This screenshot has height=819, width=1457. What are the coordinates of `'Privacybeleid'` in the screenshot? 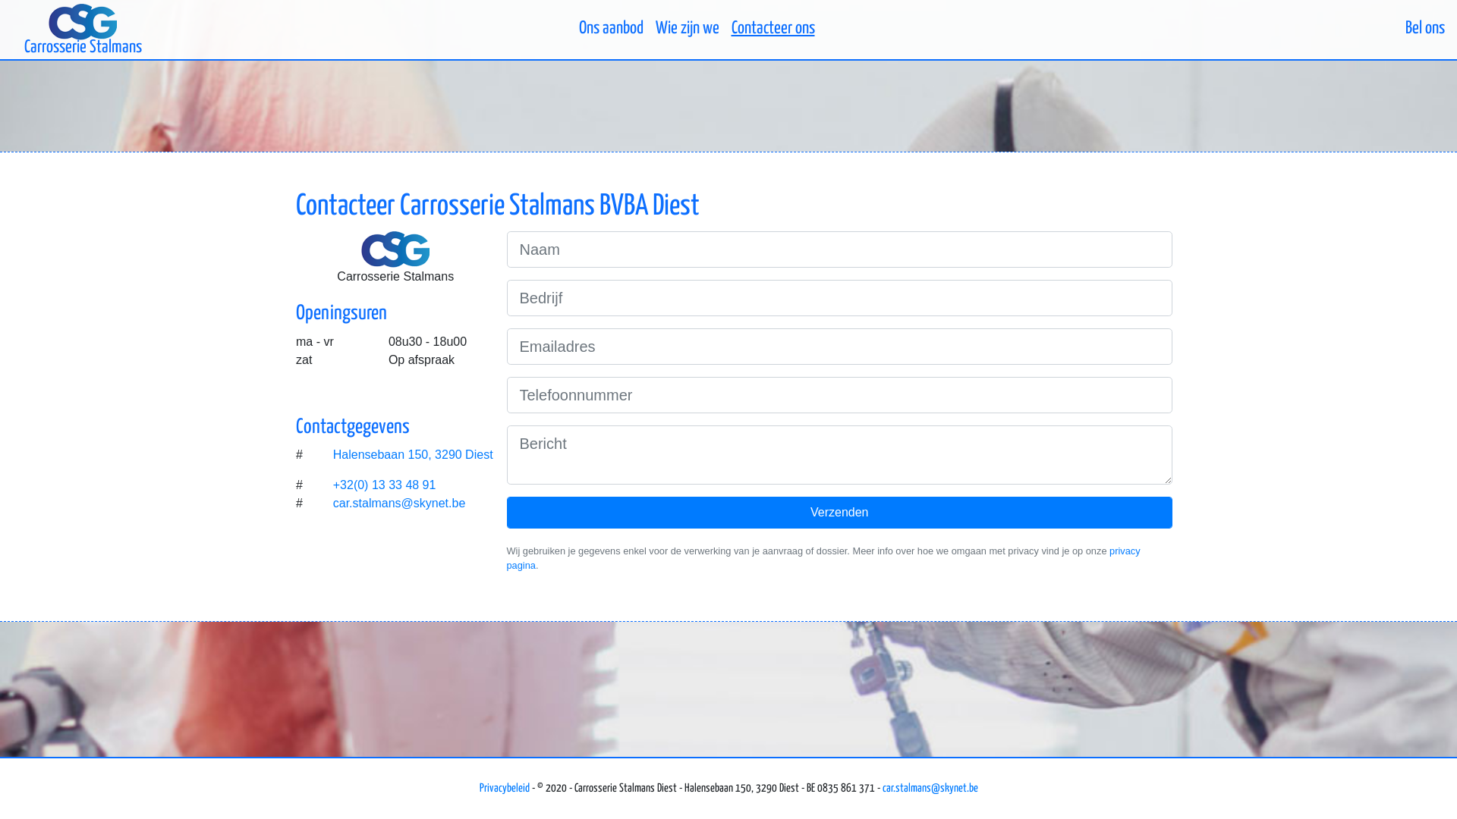 It's located at (505, 787).